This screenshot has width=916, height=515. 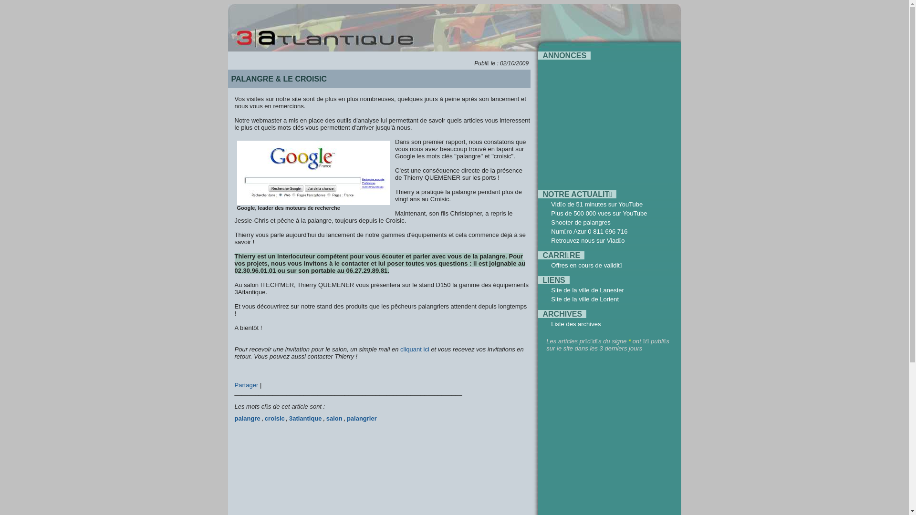 I want to click on 'Advertisement', so click(x=604, y=121).